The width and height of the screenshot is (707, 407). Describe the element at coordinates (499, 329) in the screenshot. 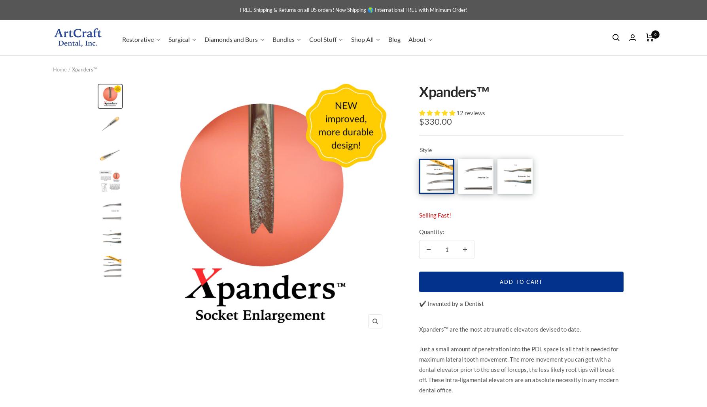

I see `'Xpanders™ are the most atraumatic elevators devised to date.'` at that location.